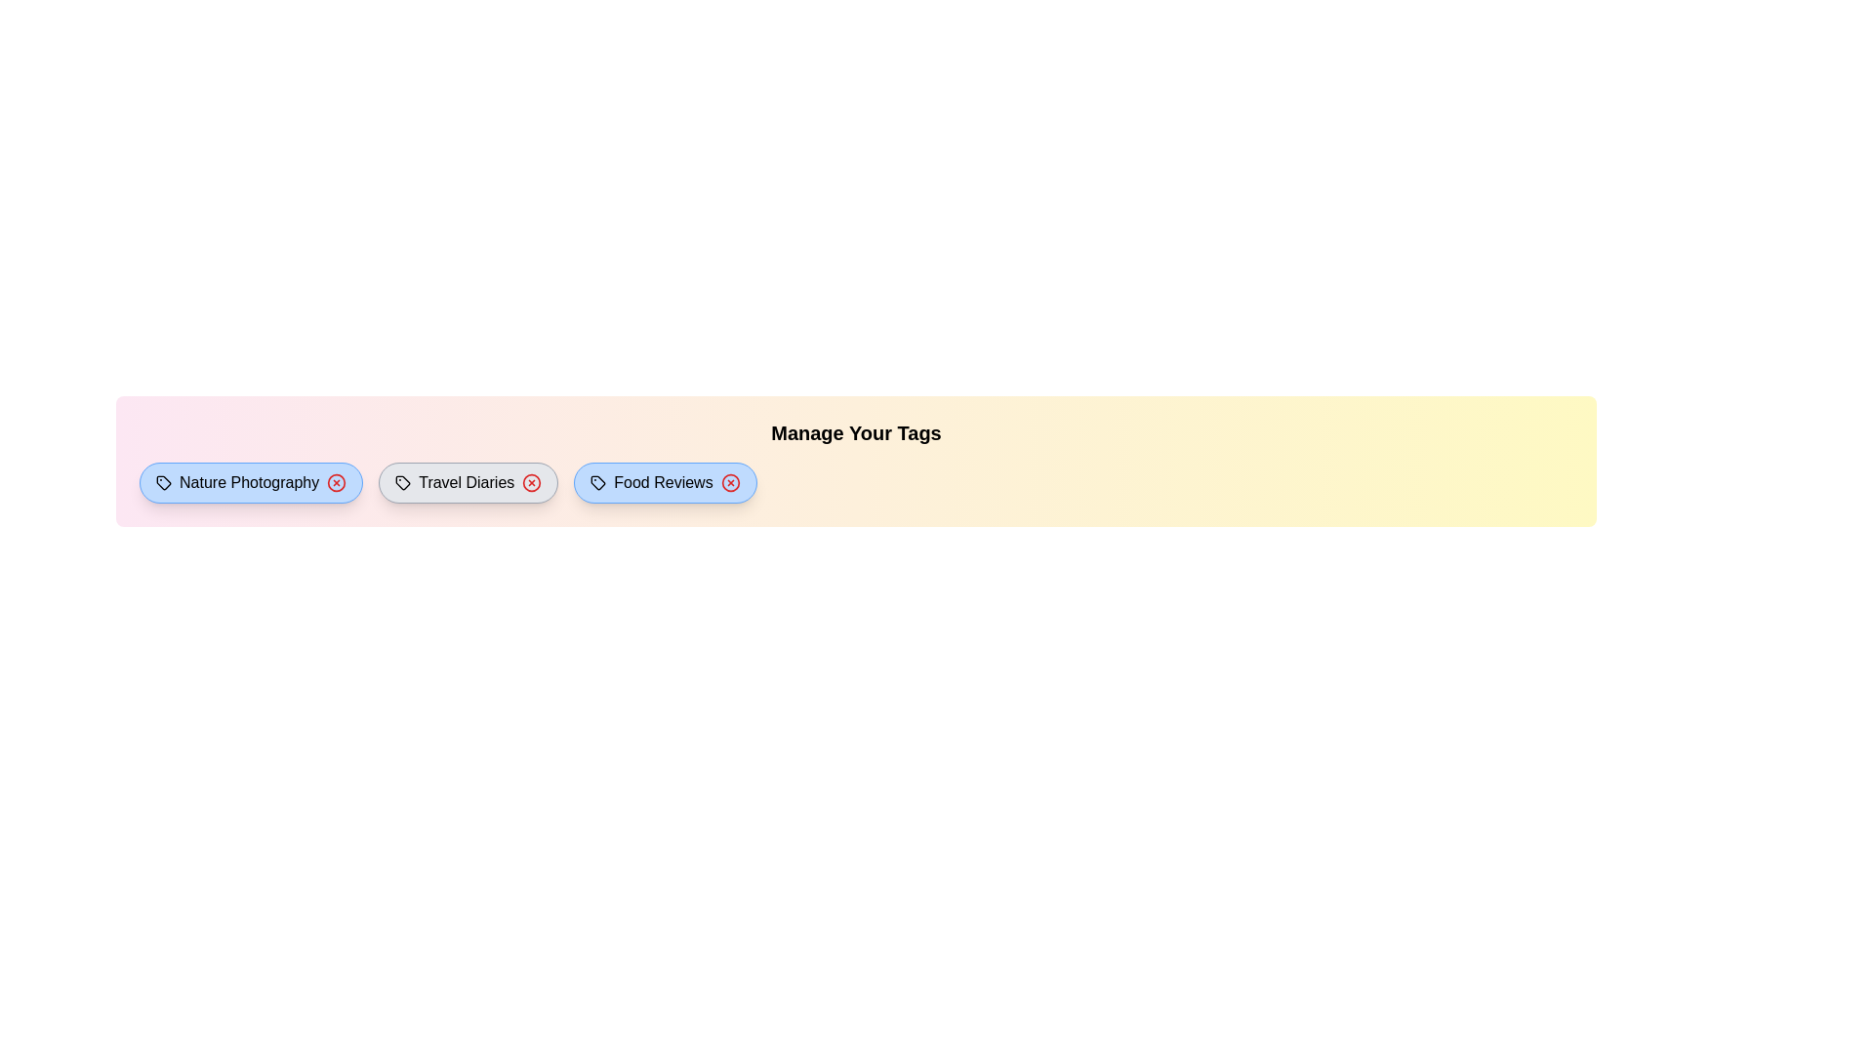  Describe the element at coordinates (468, 482) in the screenshot. I see `the tag labeled 'Travel Diaries' by clicking on it` at that location.